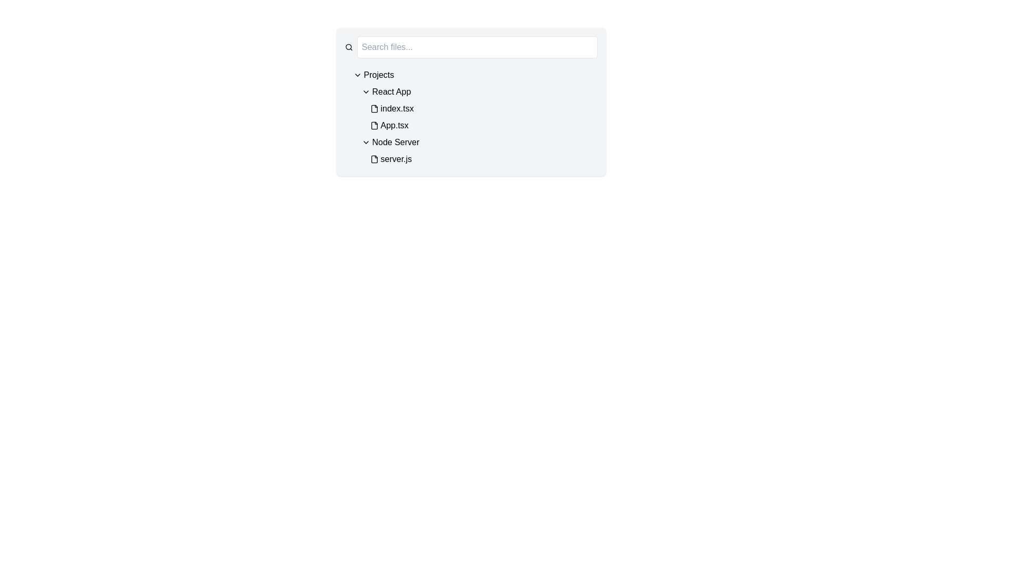 The width and height of the screenshot is (1010, 568). Describe the element at coordinates (483, 159) in the screenshot. I see `the list item representing the file 'server.js' located under the 'Node Server' section` at that location.